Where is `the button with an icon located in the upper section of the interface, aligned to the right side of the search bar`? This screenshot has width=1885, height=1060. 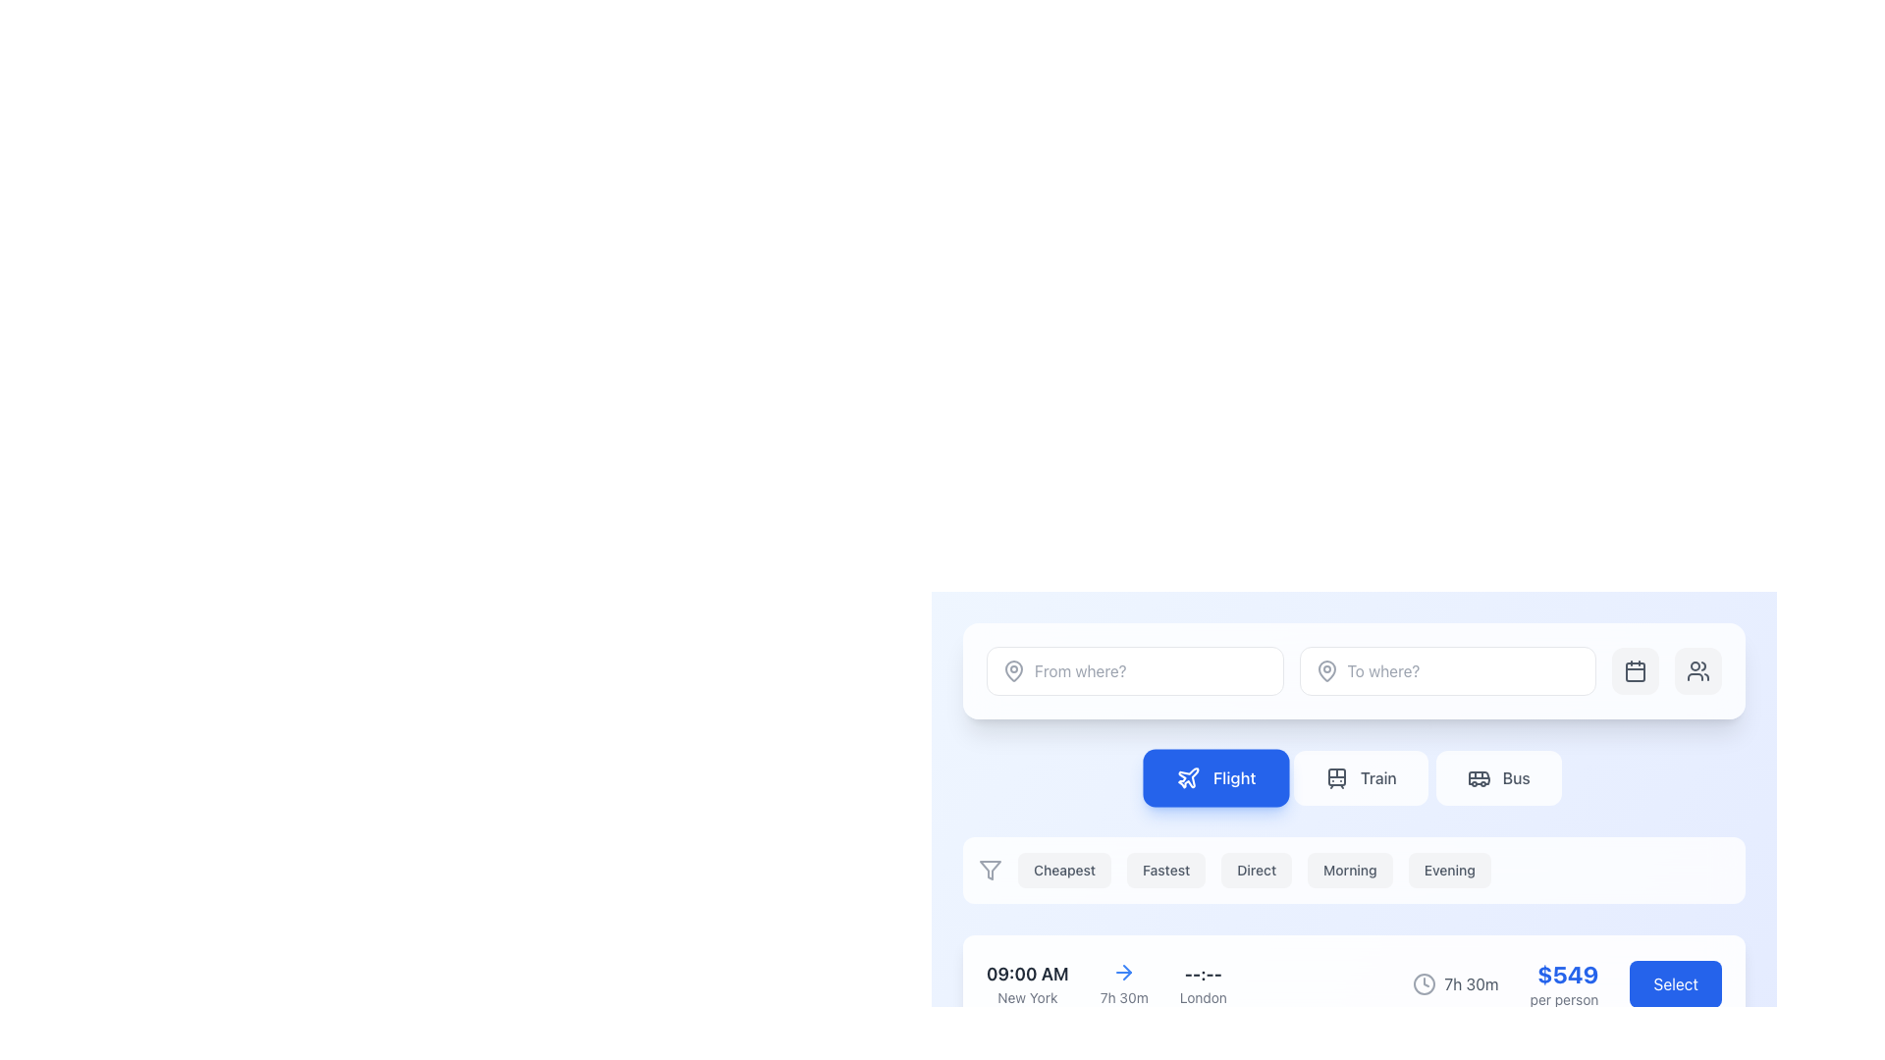
the button with an icon located in the upper section of the interface, aligned to the right side of the search bar is located at coordinates (1635, 669).